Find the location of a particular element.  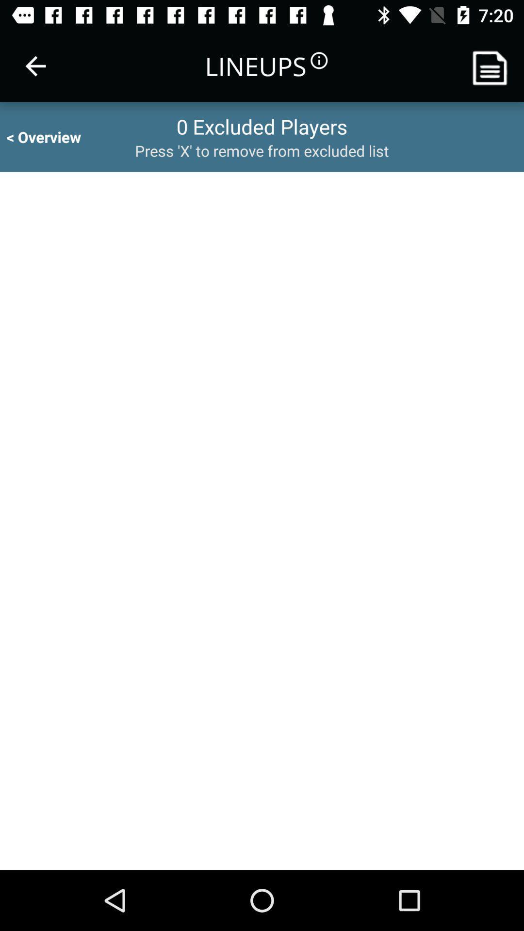

make list is located at coordinates (493, 65).